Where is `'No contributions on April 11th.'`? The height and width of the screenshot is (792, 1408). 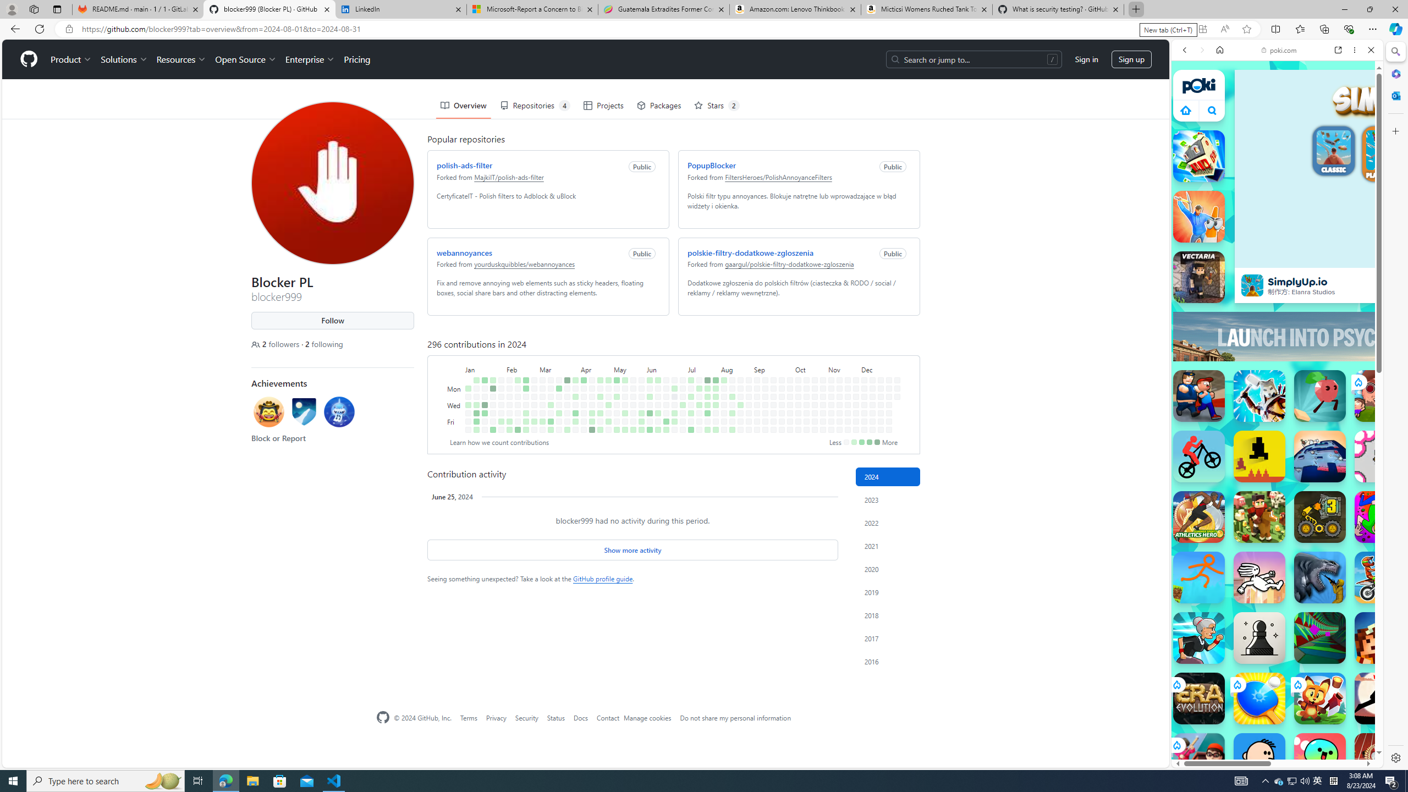
'No contributions on April 11th.' is located at coordinates (583, 413).